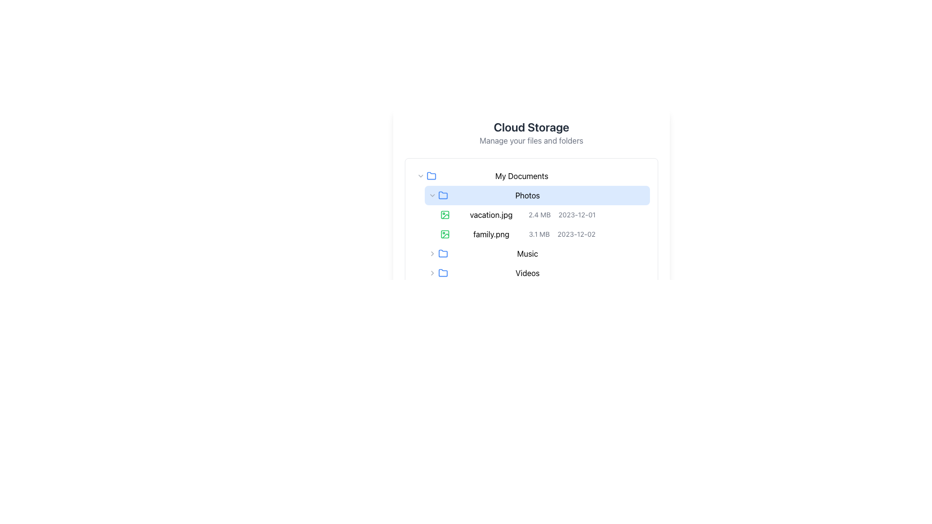 The image size is (932, 524). I want to click on the static text displaying the date '2023-12-01' in light gray font, located in the file listing entry for 'vacation.jpg' in the 'Photos' folder, so click(577, 214).